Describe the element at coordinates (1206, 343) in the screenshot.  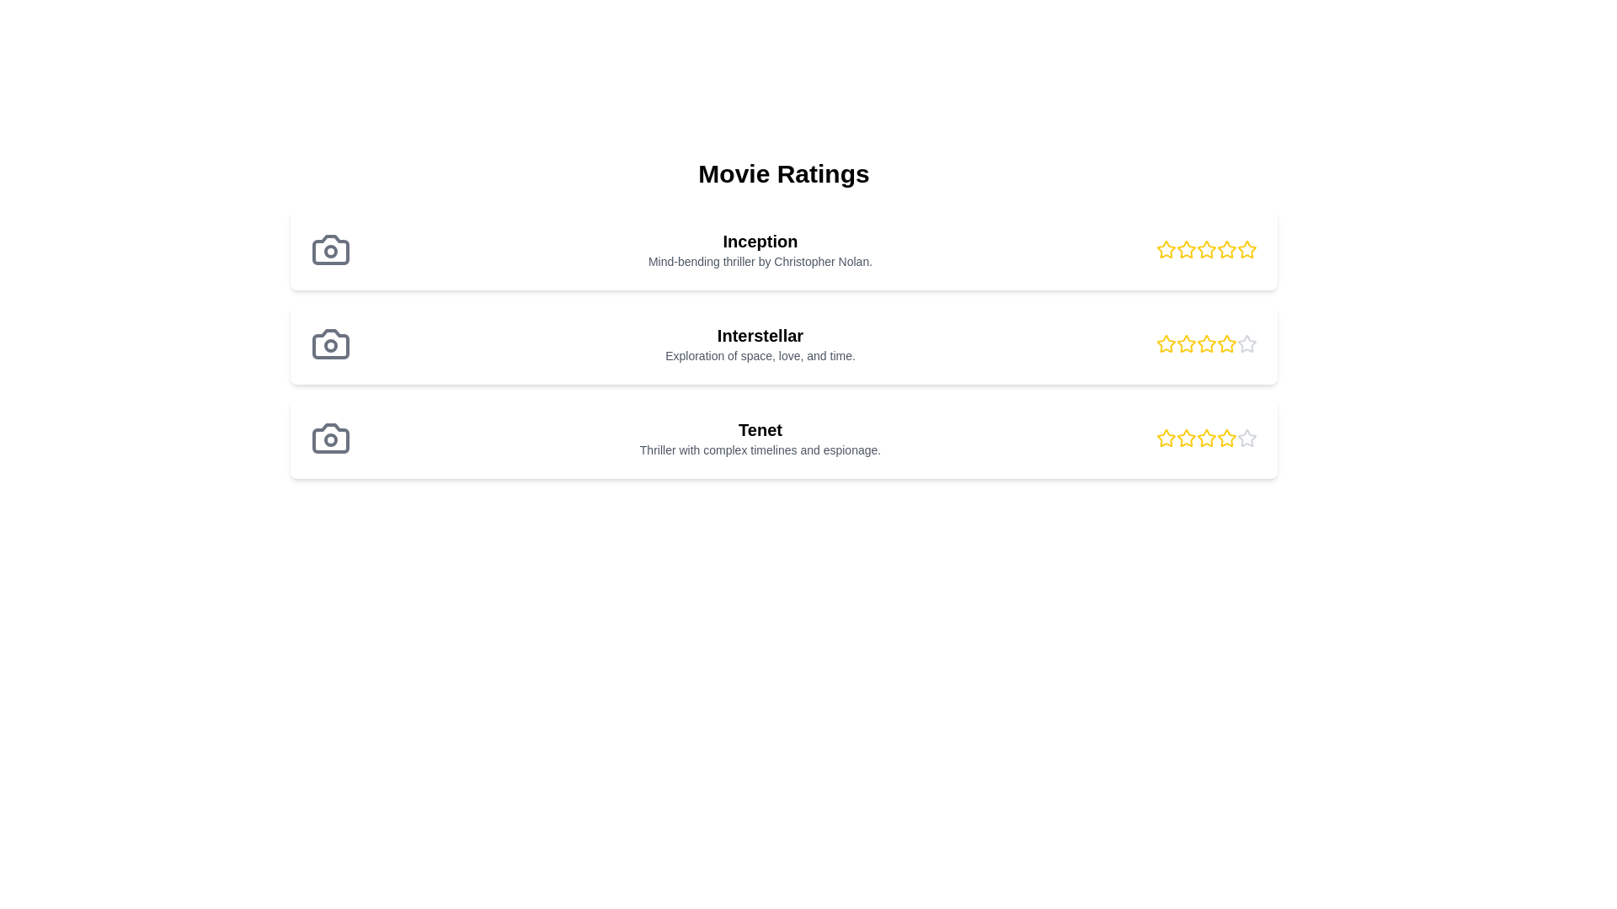
I see `the third rating star icon for the 'Interstellar' item` at that location.